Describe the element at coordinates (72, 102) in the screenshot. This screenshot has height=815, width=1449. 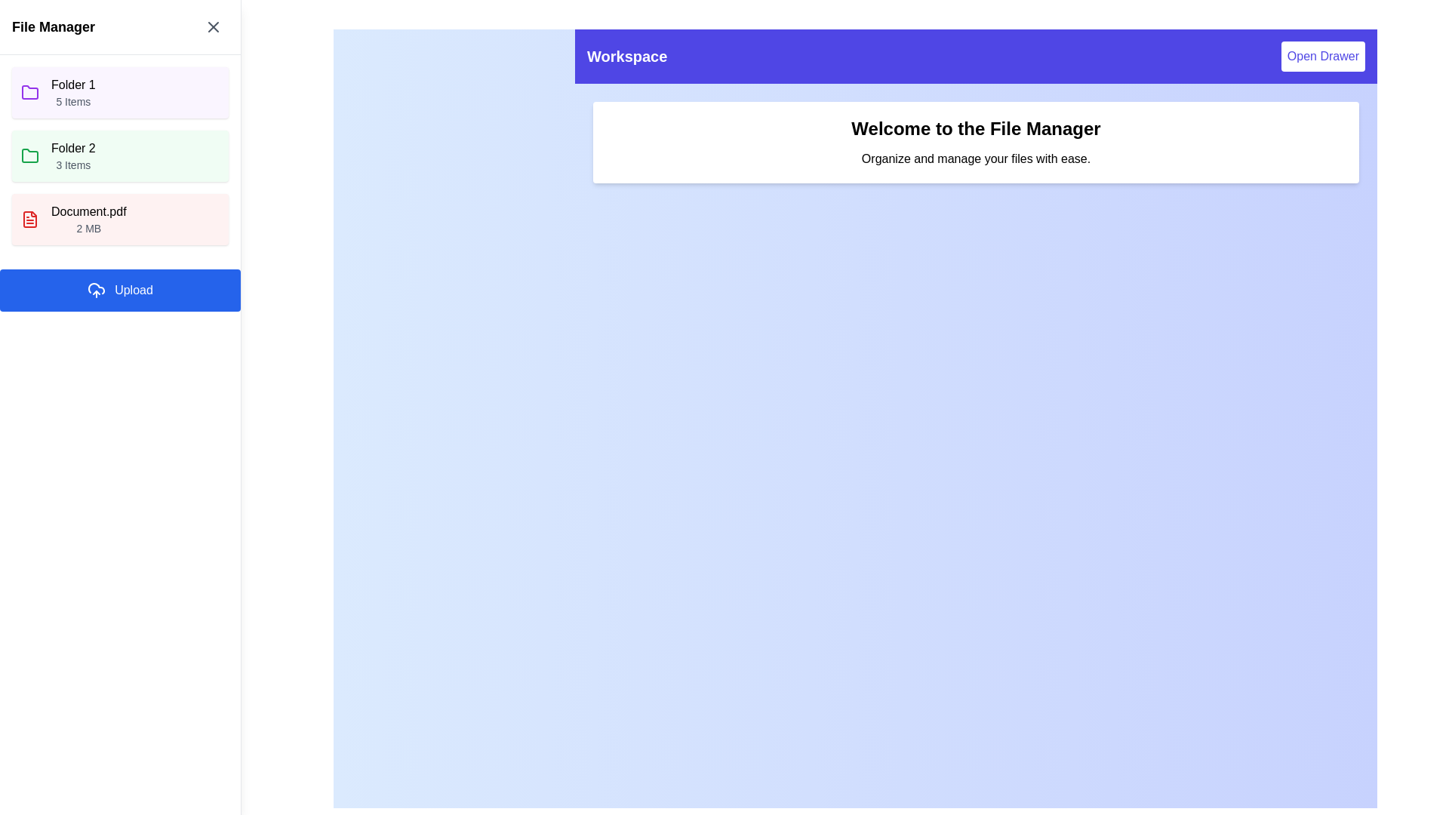
I see `the text label that reads '5 Items', located below 'Folder 1' in the sidebar` at that location.